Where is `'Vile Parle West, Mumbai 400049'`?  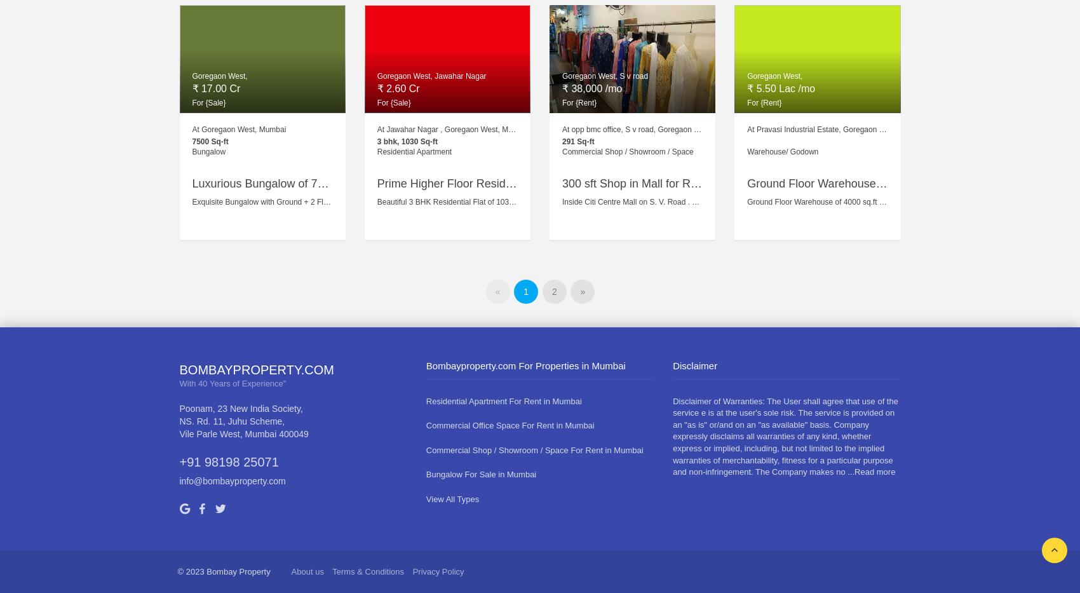 'Vile Parle West, Mumbai 400049' is located at coordinates (243, 433).